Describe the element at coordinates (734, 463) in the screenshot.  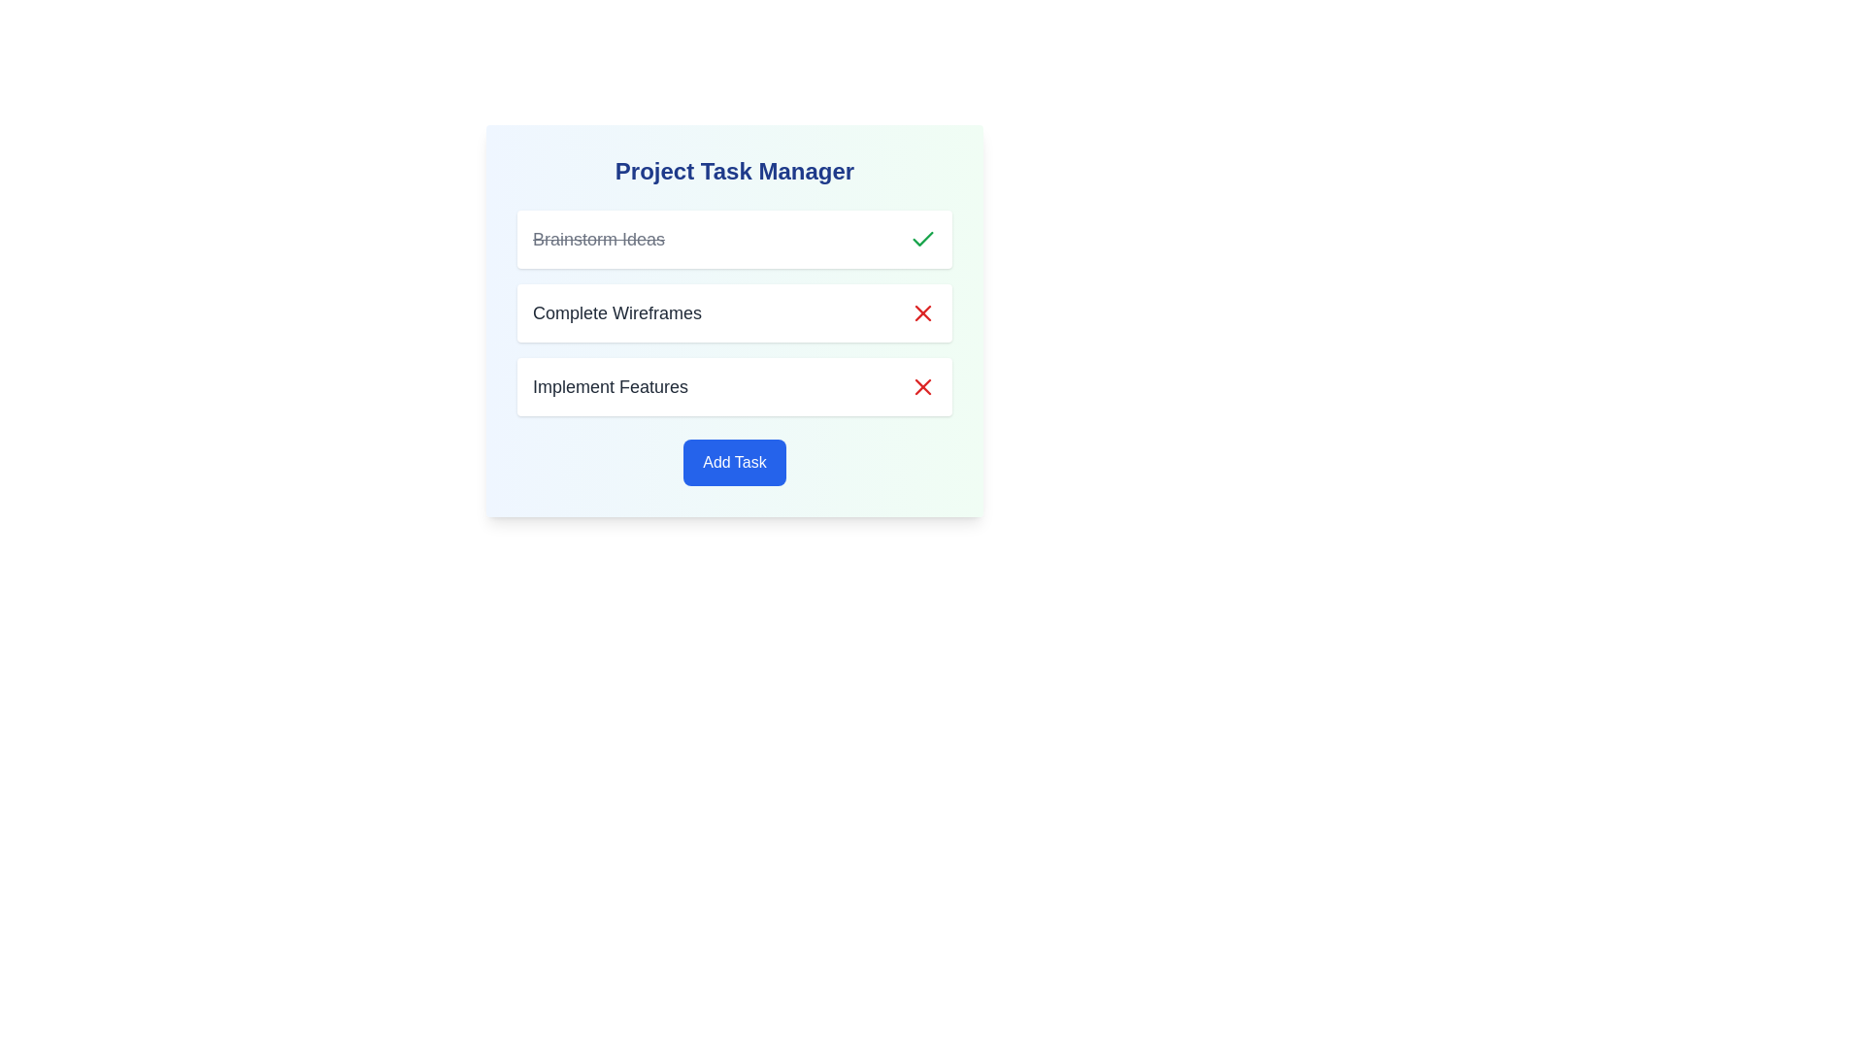
I see `the 'Add Task' button located at the bottom center of the 'Project Task Manager' card interface to interact` at that location.